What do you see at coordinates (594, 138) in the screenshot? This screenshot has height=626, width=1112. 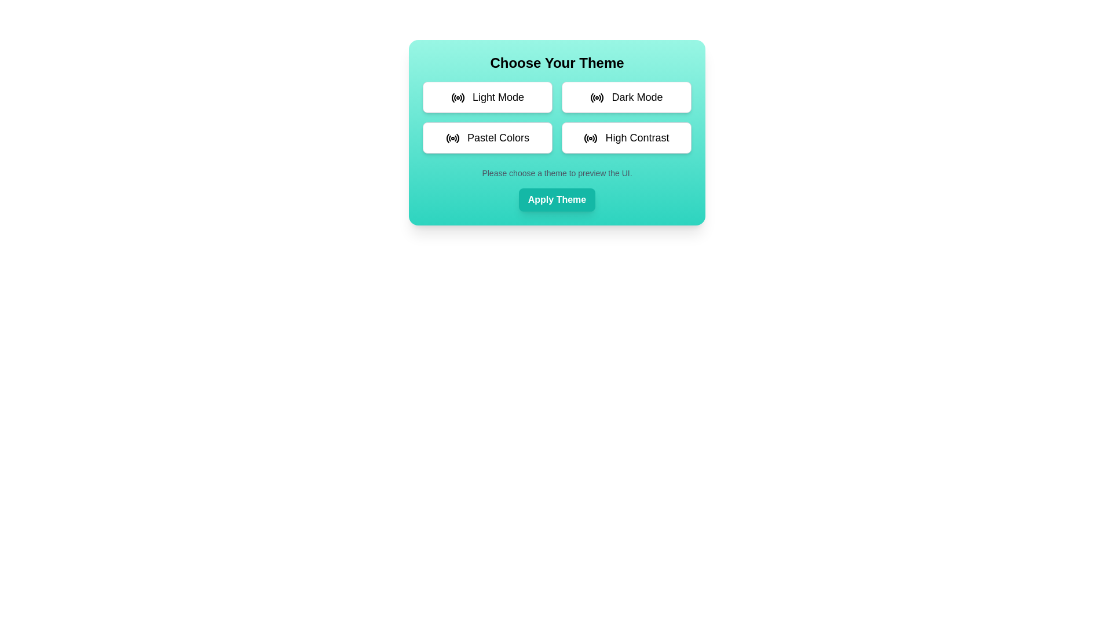 I see `the fourth concentric arc of the radio icon within the 'High Contrast' button in the theme selection panel` at bounding box center [594, 138].